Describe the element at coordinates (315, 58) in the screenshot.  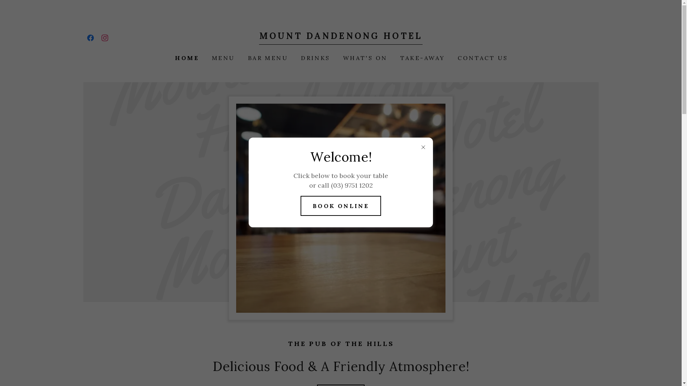
I see `'DRINKS'` at that location.